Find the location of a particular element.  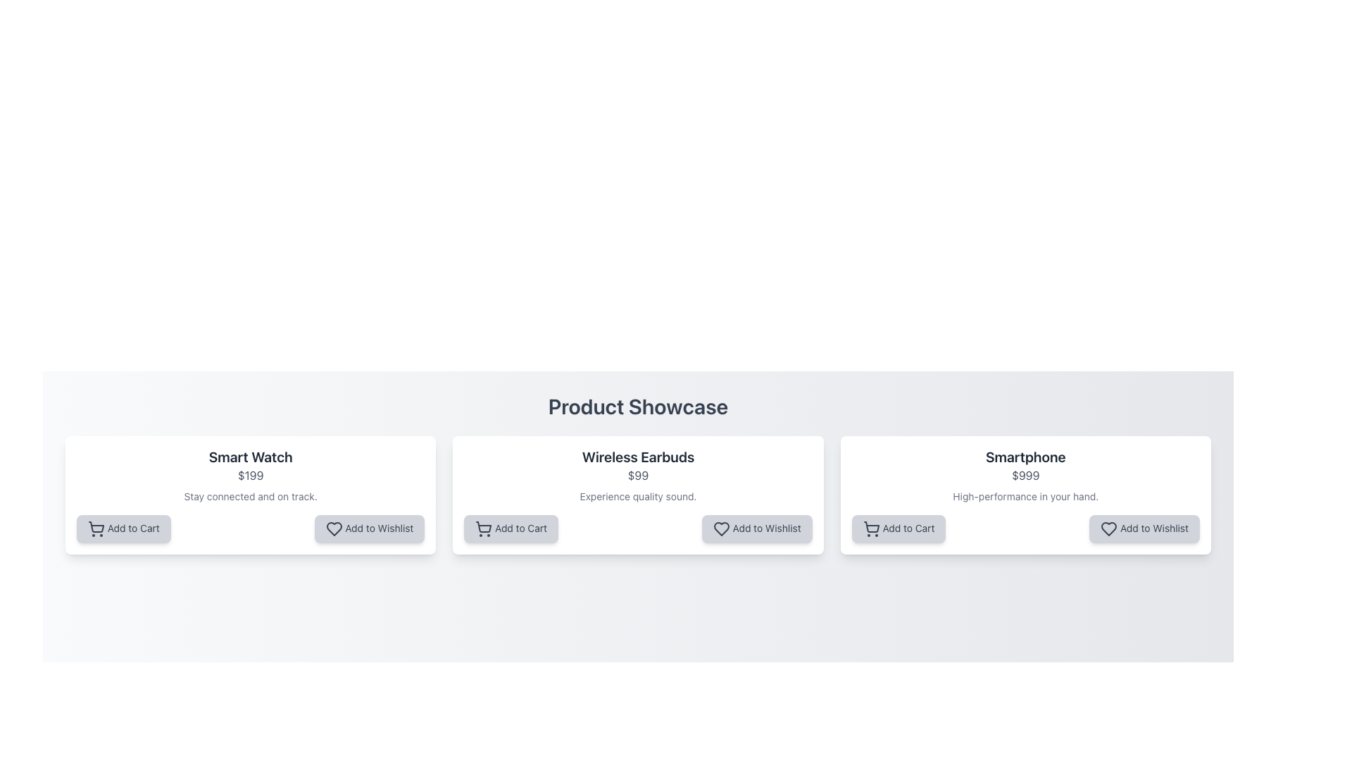

the heart icon within the 'Add to Wishlist' button located on the bottom right corner of the third product card displaying smartphone information is located at coordinates (1108, 529).